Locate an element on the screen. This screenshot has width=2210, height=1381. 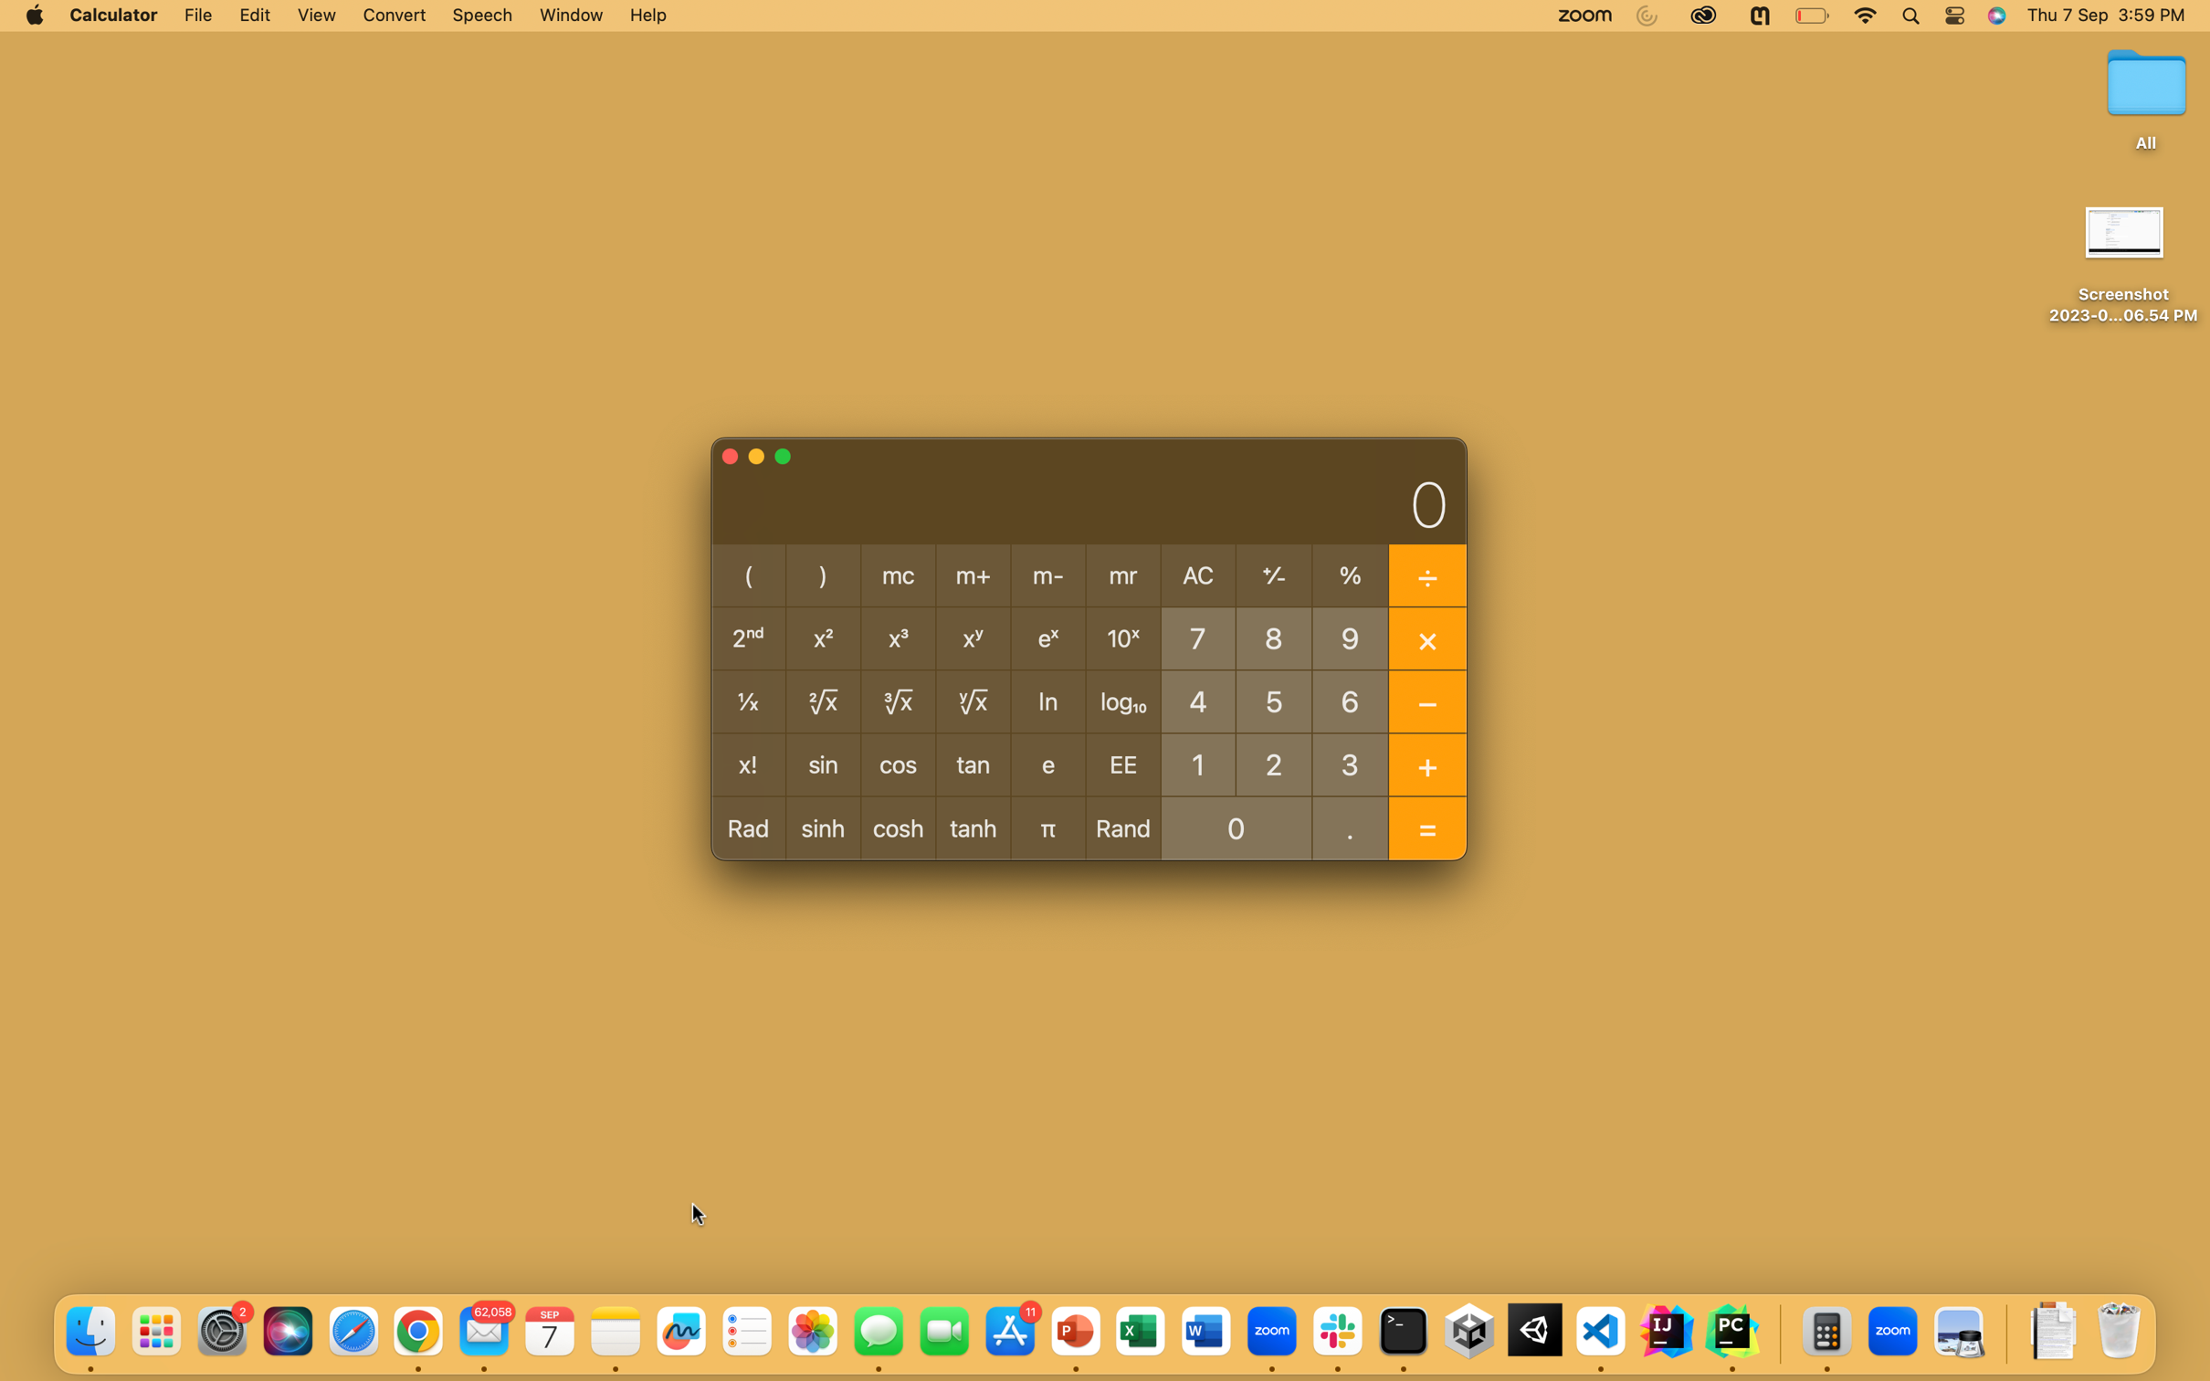
Determine the sine value of angle 45 degrees is located at coordinates (1195, 701).